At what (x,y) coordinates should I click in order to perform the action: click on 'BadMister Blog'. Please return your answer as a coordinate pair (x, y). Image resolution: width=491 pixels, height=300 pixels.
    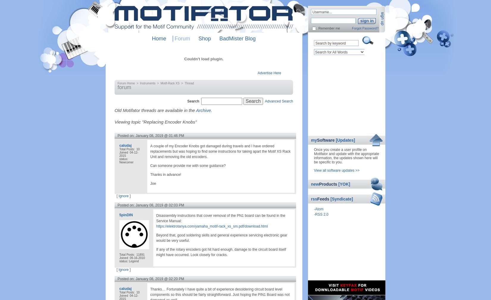
    Looking at the image, I should click on (219, 38).